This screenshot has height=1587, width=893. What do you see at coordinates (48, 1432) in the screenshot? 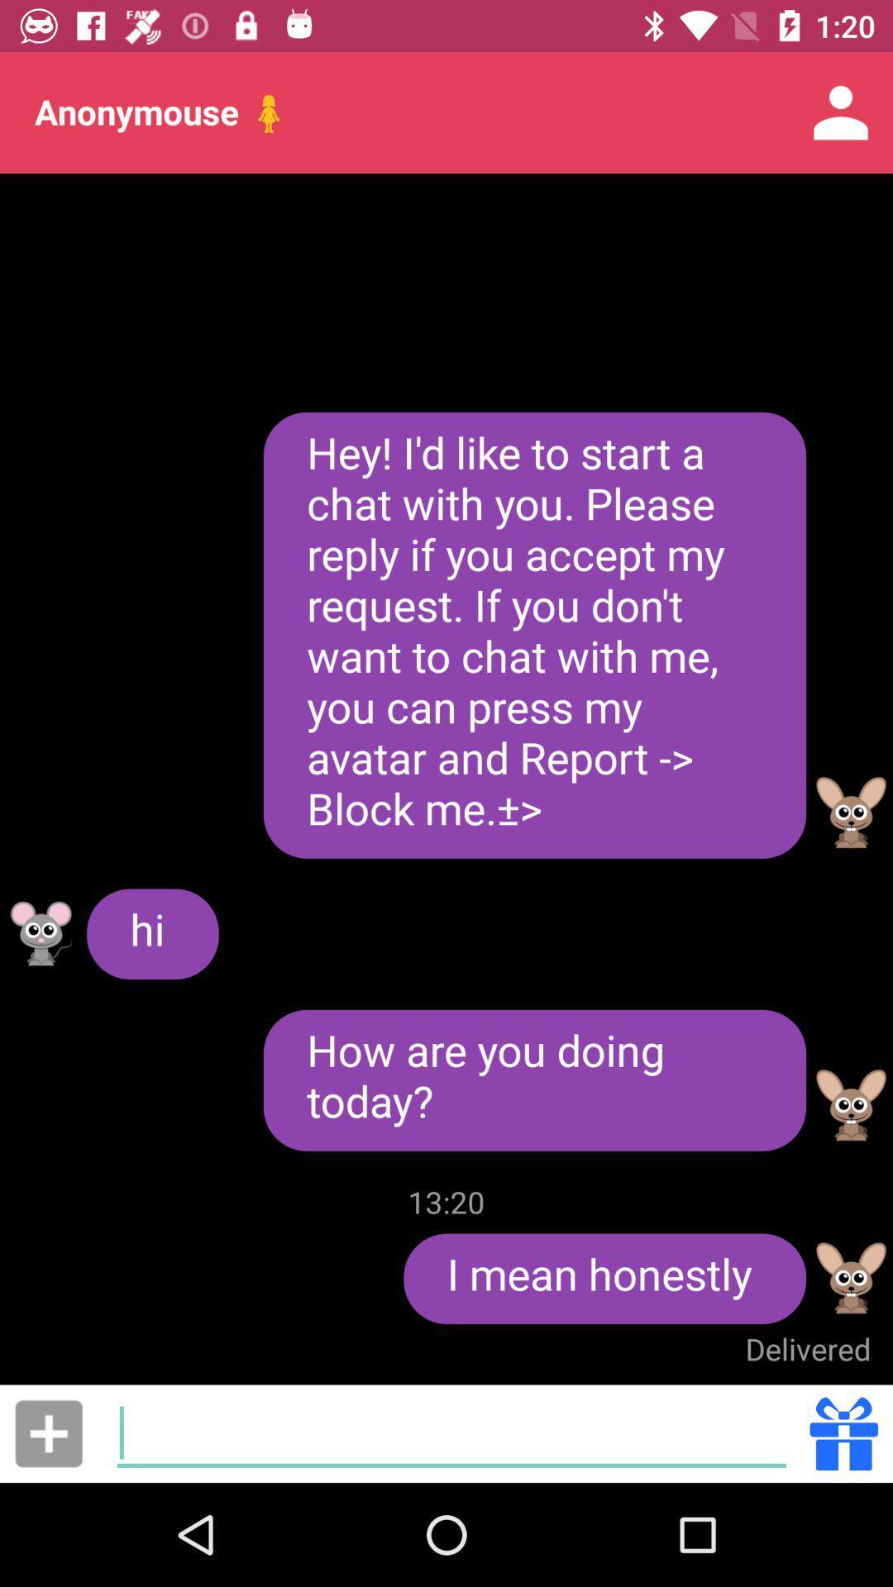
I see `item at the bottom left corner` at bounding box center [48, 1432].